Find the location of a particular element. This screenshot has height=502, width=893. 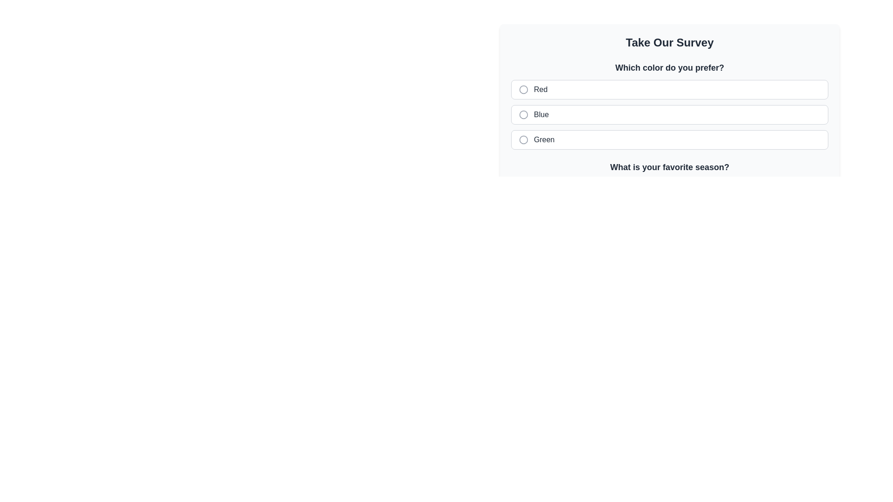

the 'Green' radio button, which is the third option in a vertical sequence of radio buttons styled with rounded corners is located at coordinates (670, 139).